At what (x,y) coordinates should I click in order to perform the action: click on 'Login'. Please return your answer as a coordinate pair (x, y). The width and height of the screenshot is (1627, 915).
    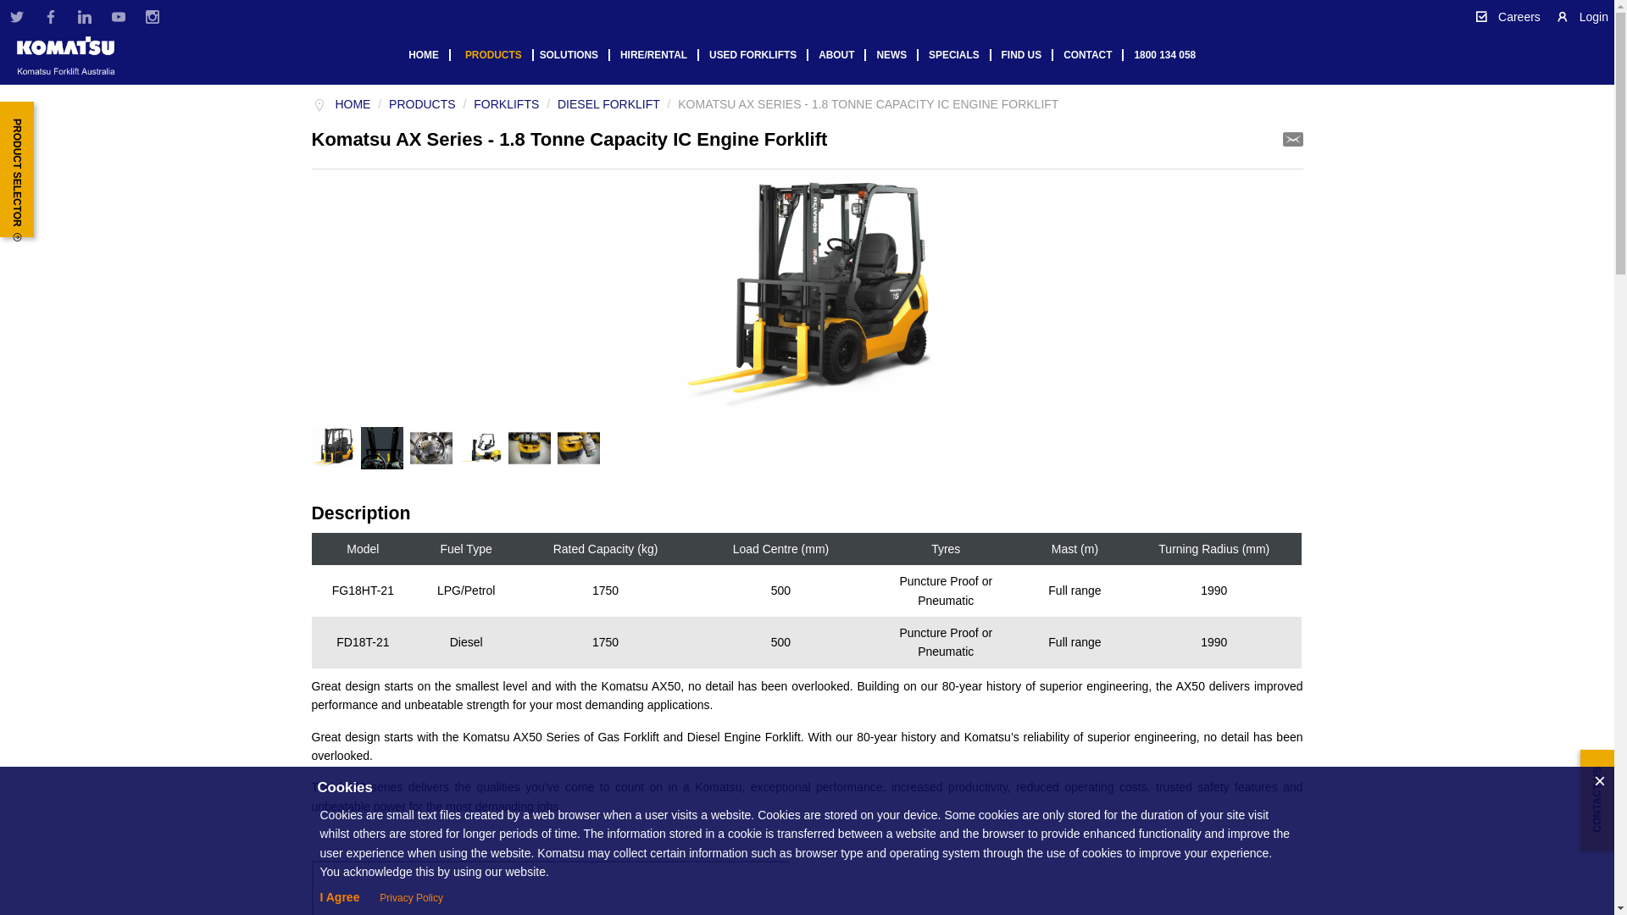
    Looking at the image, I should click on (1581, 16).